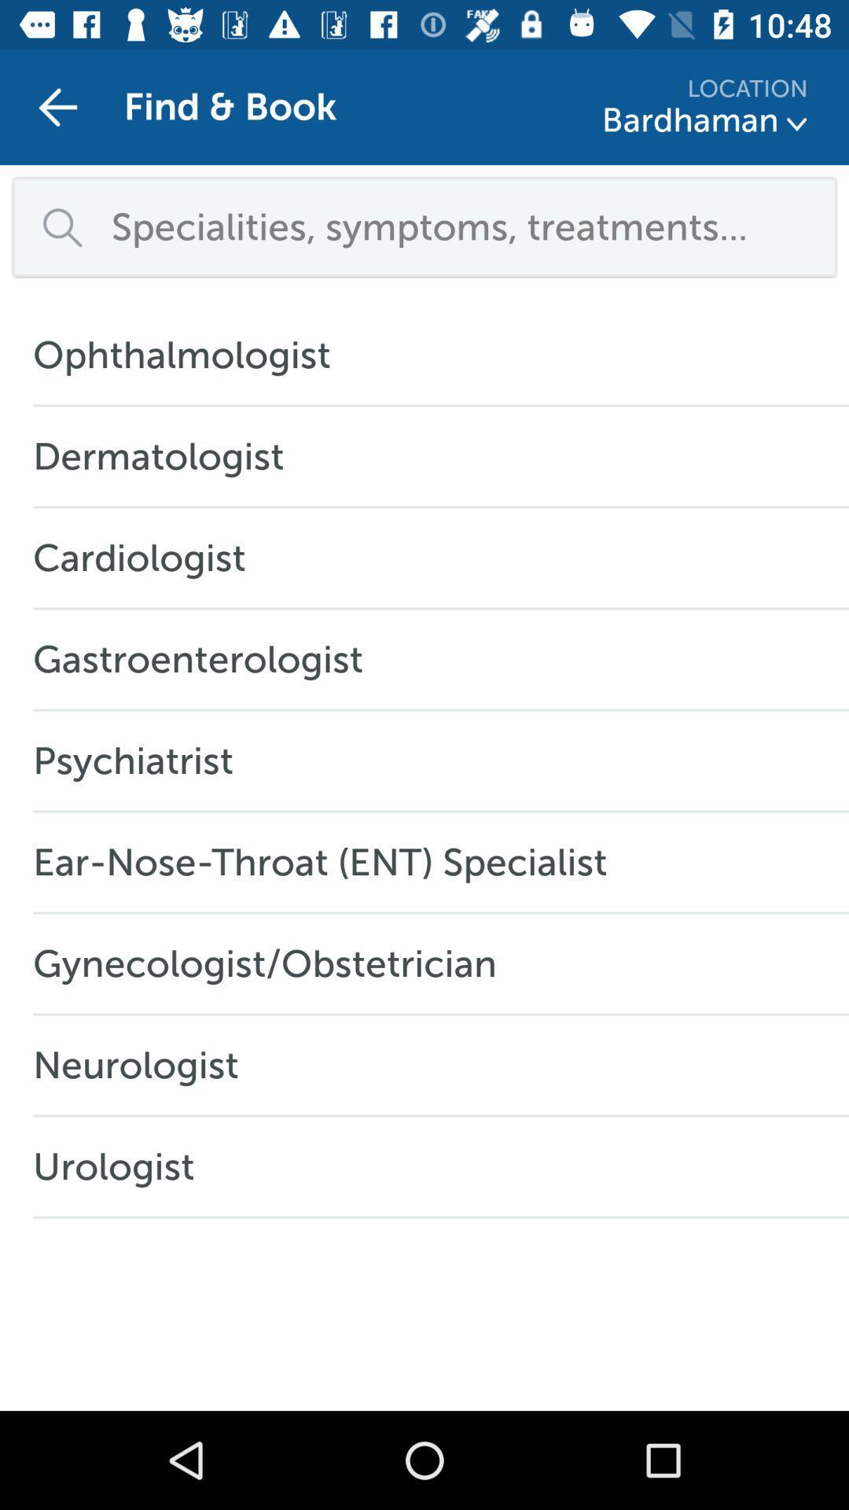 The image size is (849, 1510). What do you see at coordinates (57, 106) in the screenshot?
I see `previous page` at bounding box center [57, 106].